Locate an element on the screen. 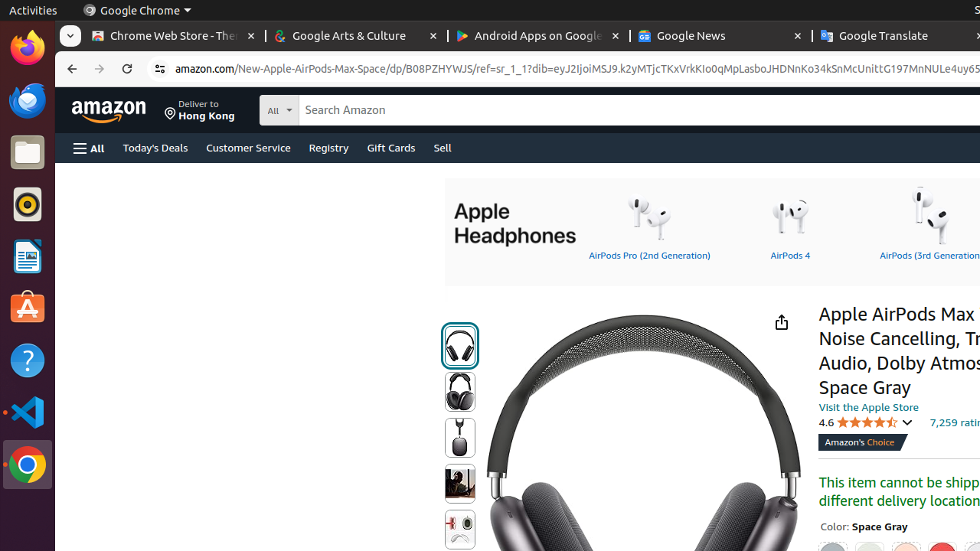 This screenshot has height=551, width=980. 'Help' is located at coordinates (27, 360).